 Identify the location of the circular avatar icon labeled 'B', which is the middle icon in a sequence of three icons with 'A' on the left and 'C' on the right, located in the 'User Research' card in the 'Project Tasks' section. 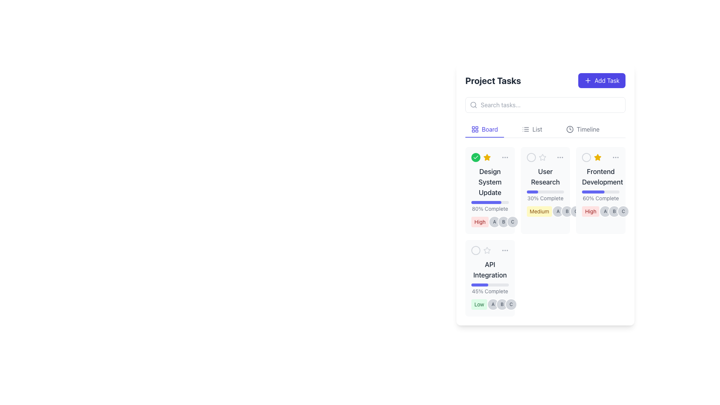
(567, 211).